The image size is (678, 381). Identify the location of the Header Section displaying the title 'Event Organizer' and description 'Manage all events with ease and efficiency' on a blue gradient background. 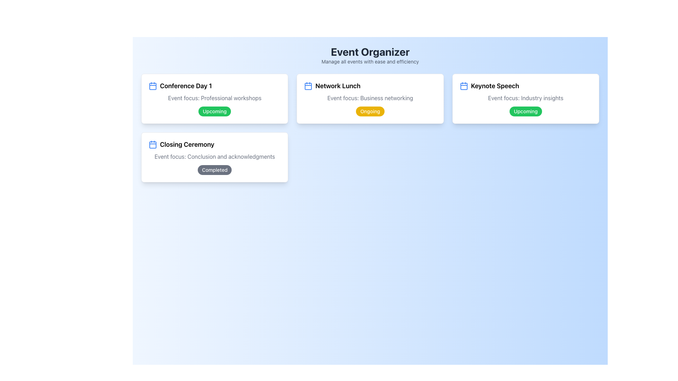
(370, 55).